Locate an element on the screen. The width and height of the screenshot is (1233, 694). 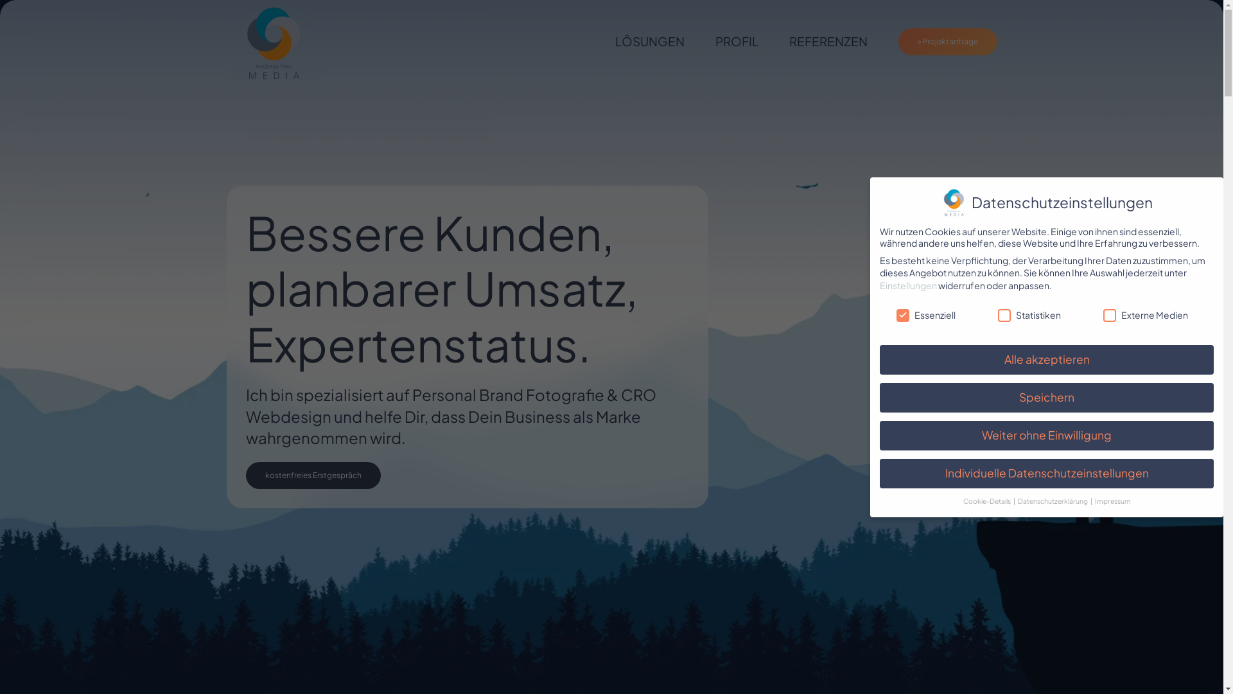
'Impressum' is located at coordinates (1112, 500).